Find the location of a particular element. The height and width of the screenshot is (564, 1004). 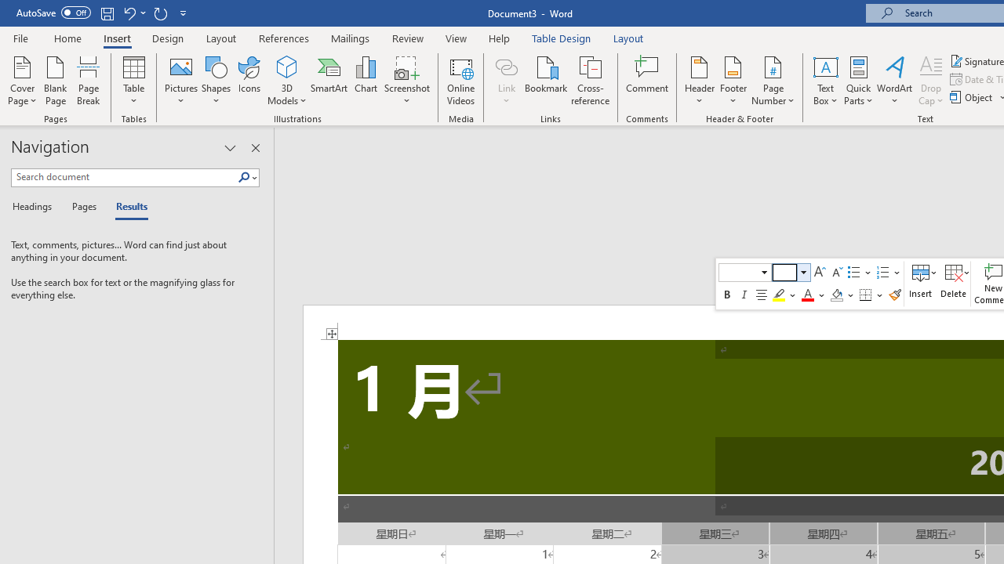

'SmartArt...' is located at coordinates (328, 81).